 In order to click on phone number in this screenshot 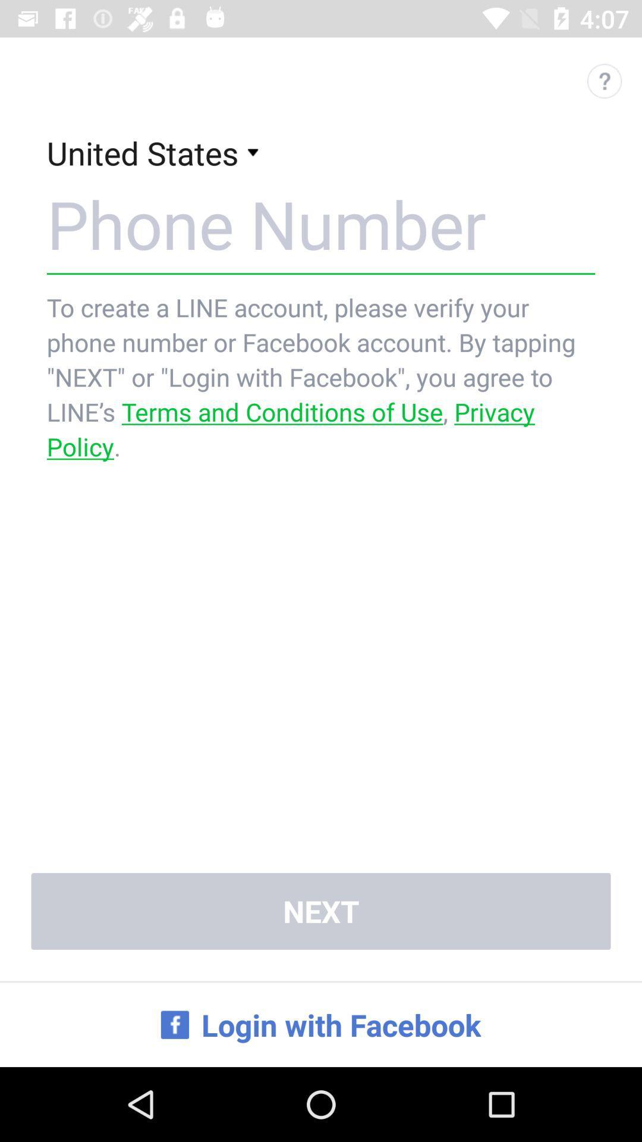, I will do `click(321, 224)`.